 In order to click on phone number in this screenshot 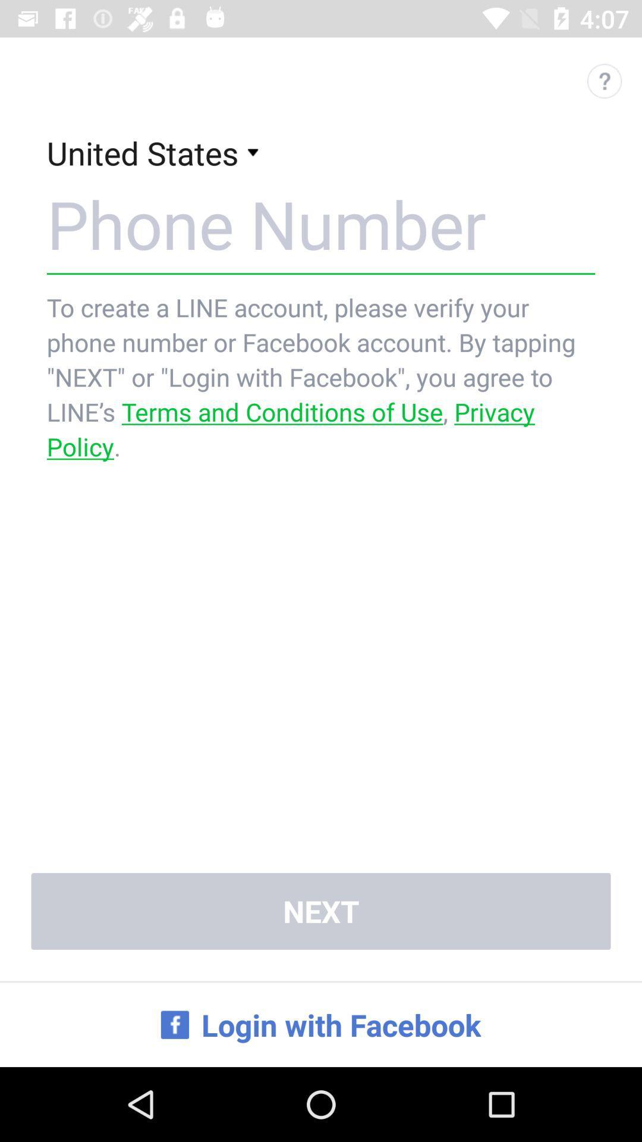, I will do `click(321, 224)`.